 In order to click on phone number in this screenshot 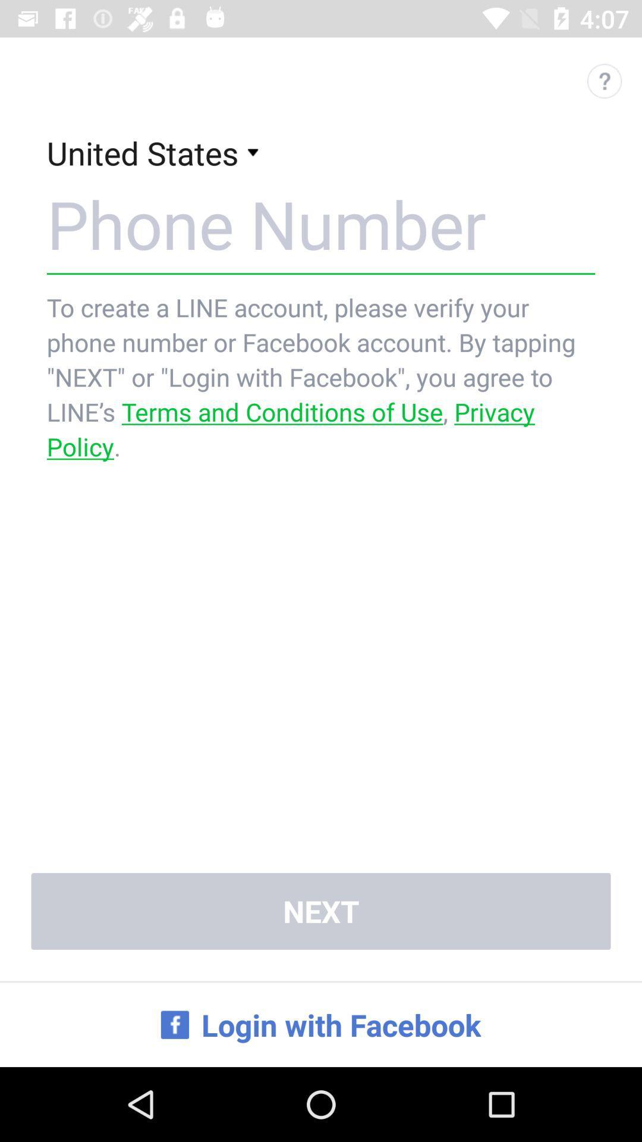, I will do `click(321, 224)`.